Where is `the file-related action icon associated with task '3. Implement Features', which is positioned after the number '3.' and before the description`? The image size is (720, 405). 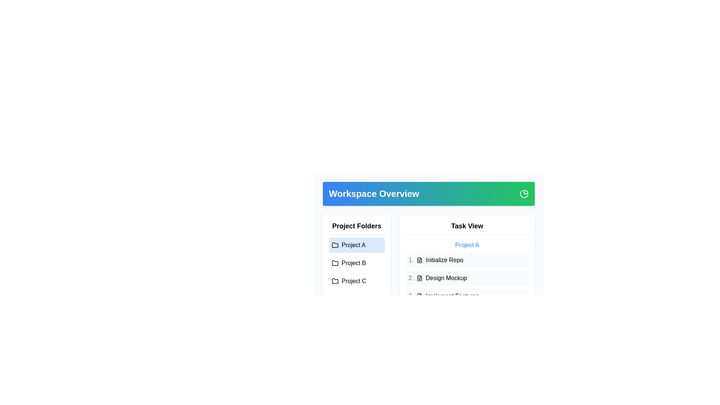 the file-related action icon associated with task '3. Implement Features', which is positioned after the number '3.' and before the description is located at coordinates (419, 296).